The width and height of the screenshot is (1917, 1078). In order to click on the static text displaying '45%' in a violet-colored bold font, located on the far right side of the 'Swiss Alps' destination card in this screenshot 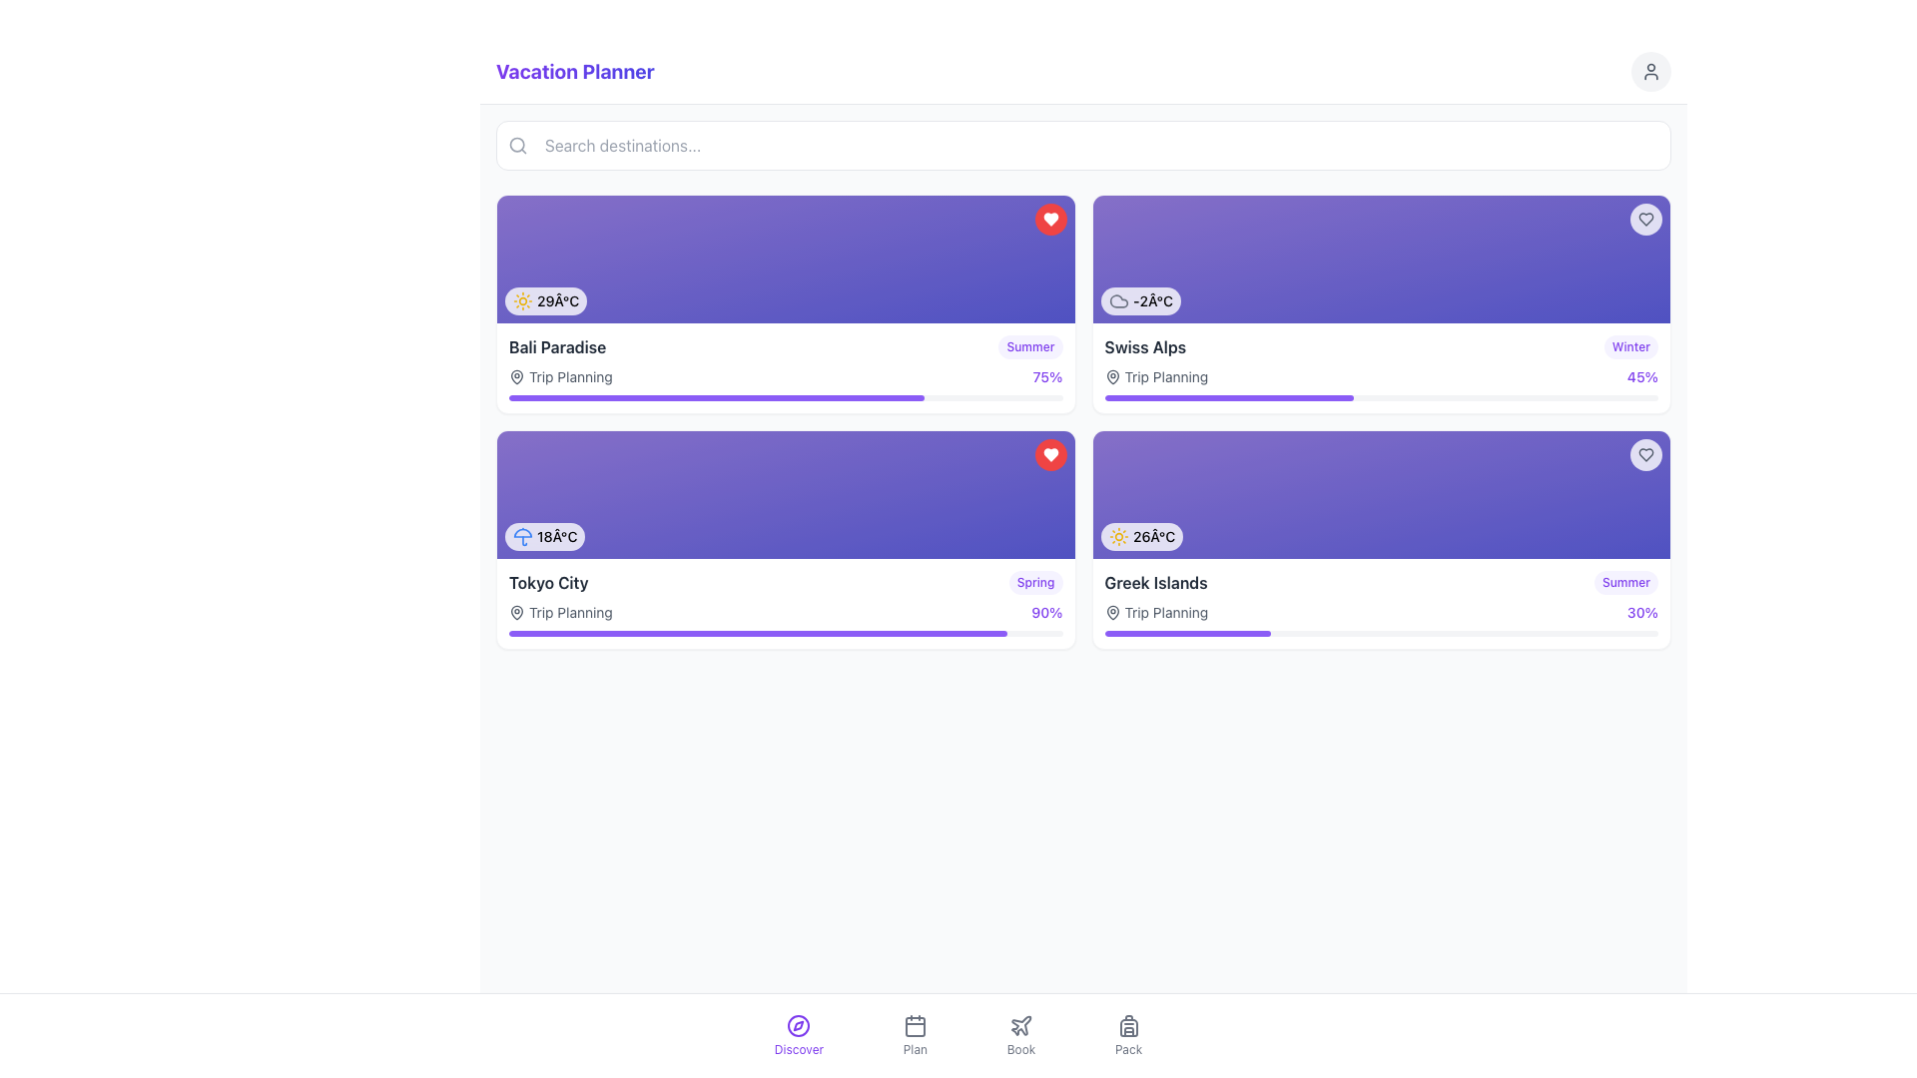, I will do `click(1642, 377)`.